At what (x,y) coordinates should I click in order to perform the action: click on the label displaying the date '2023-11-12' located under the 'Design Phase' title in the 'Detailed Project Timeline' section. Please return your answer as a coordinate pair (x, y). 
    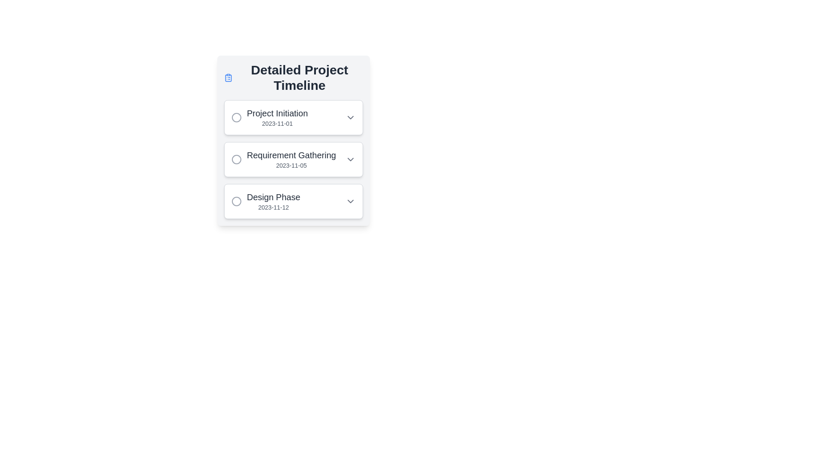
    Looking at the image, I should click on (273, 207).